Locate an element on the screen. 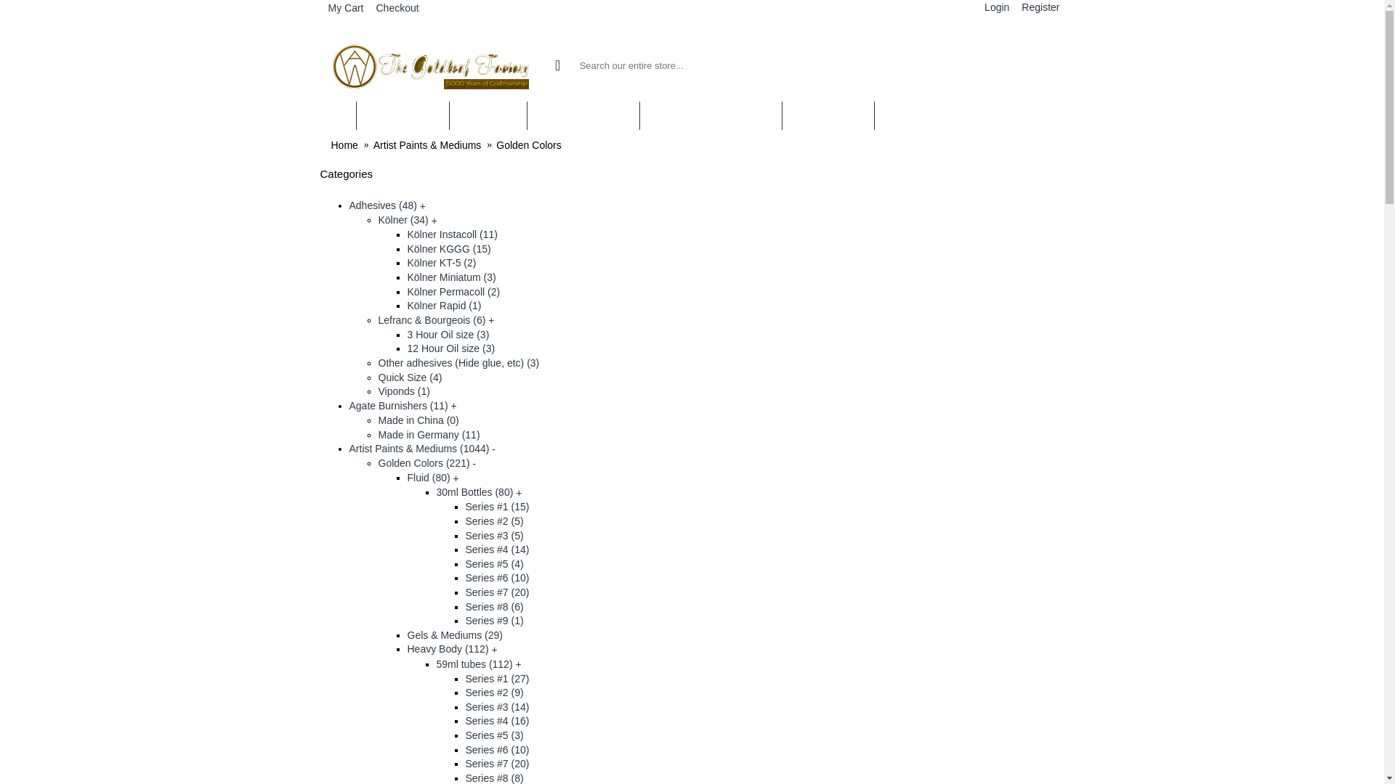 The image size is (1395, 784). 'Artist Paints & Mediums (1044) -' is located at coordinates (349, 447).